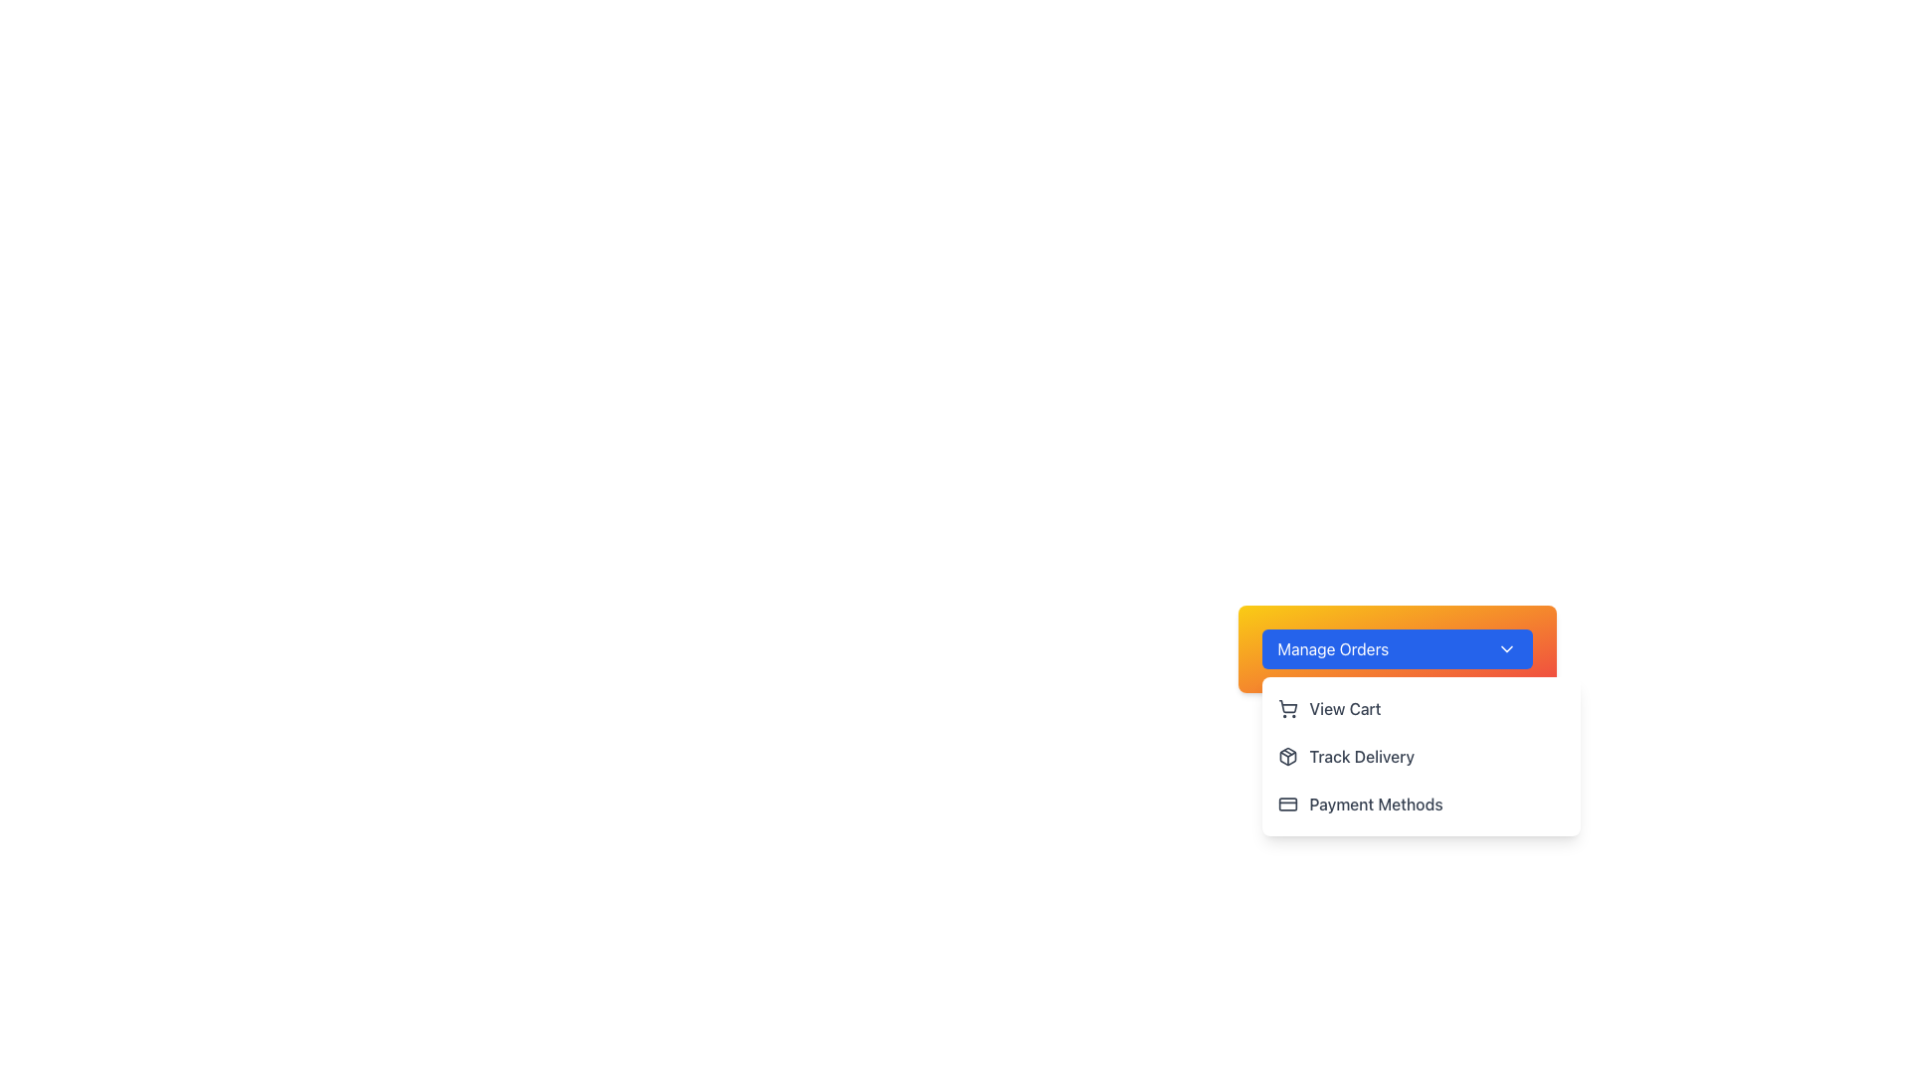 This screenshot has height=1074, width=1910. I want to click on the button at the top center of the fixed dialog box to manage orders, which reveals additional options for order management, so click(1396, 648).